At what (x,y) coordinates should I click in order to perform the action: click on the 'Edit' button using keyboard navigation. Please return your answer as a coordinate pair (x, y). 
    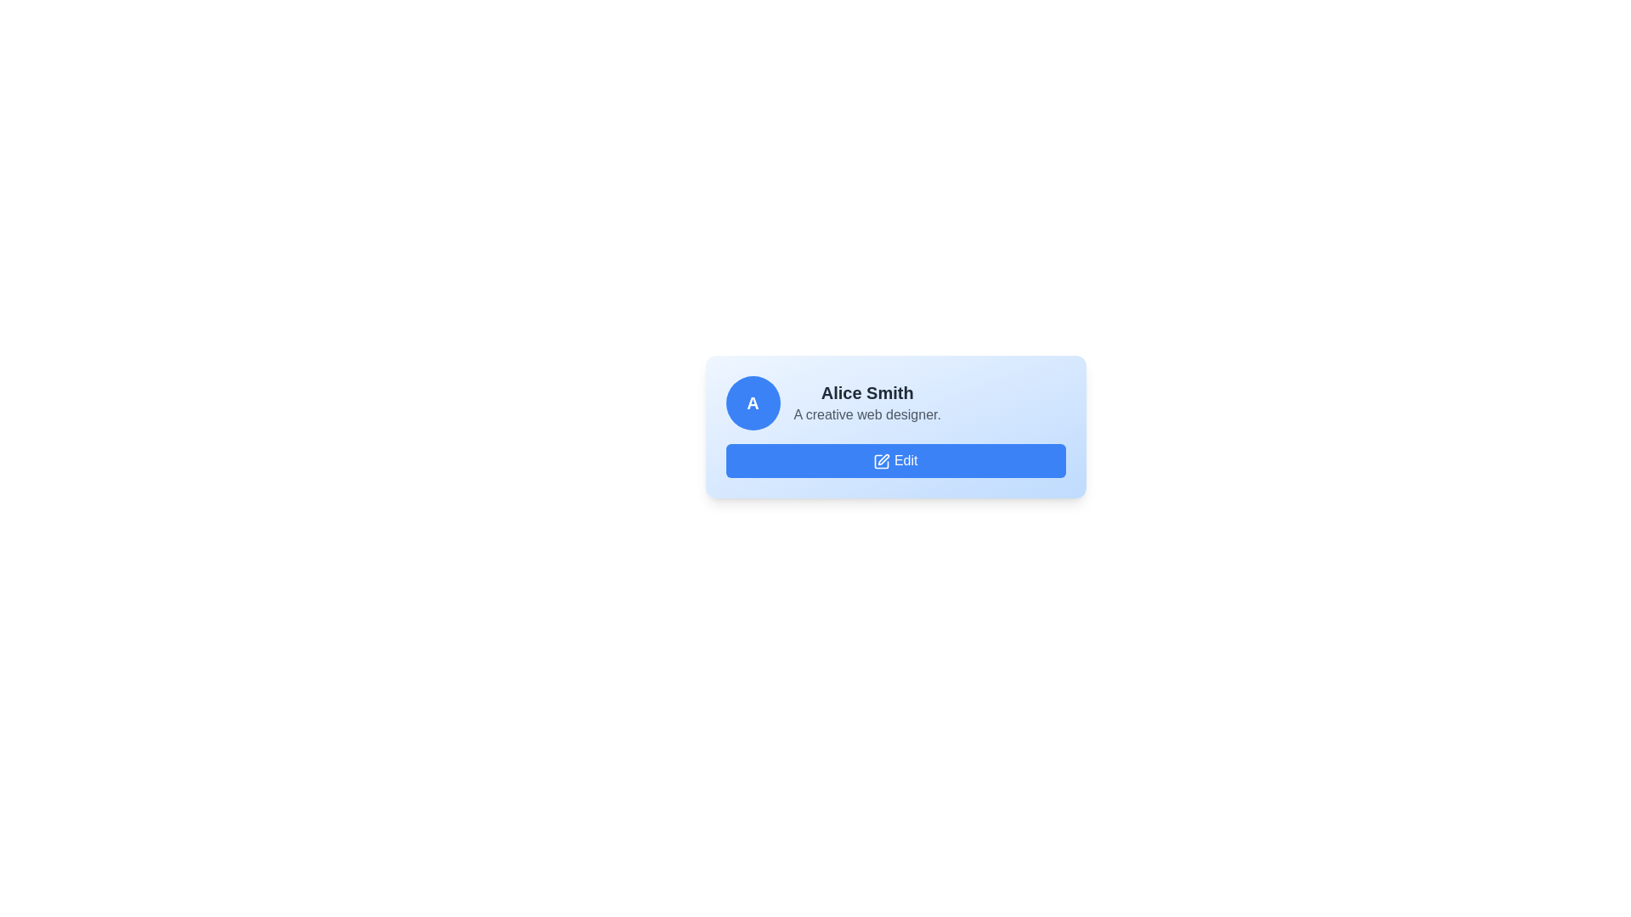
    Looking at the image, I should click on (895, 461).